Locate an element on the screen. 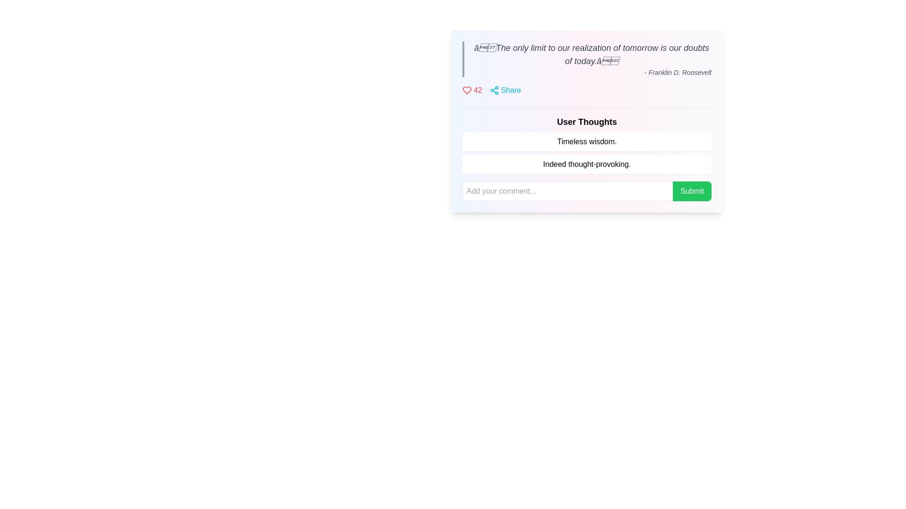 The width and height of the screenshot is (906, 509). the heart-shaped like button with a hollow design is located at coordinates (467, 90).